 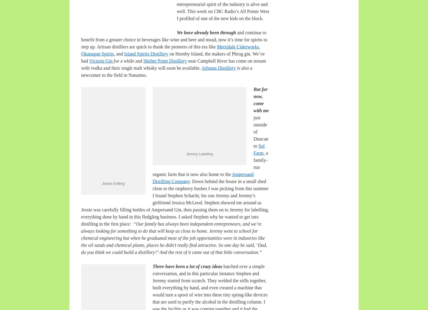 I want to click on 'But for now, come with me', so click(x=261, y=100).